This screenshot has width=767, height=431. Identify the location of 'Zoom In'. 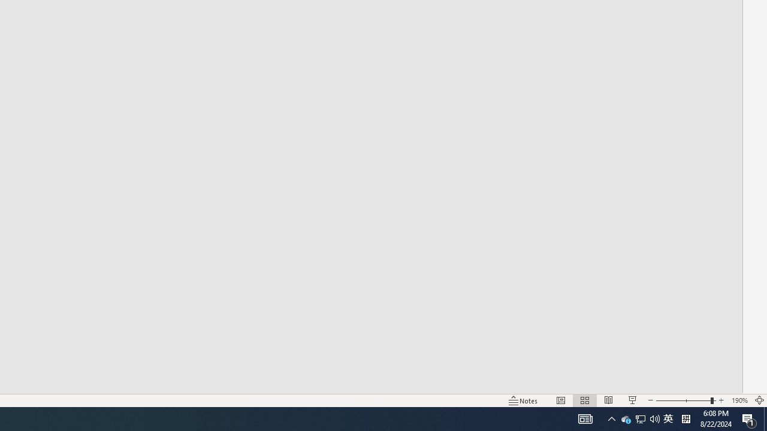
(721, 400).